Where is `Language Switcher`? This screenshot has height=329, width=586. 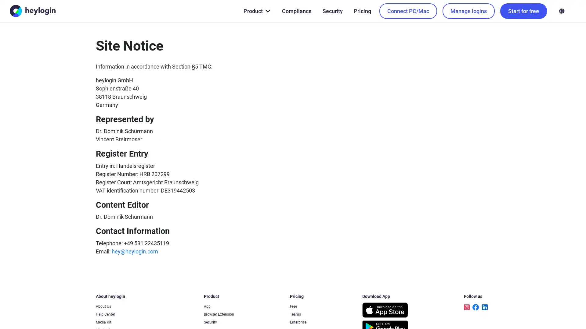
Language Switcher is located at coordinates (561, 11).